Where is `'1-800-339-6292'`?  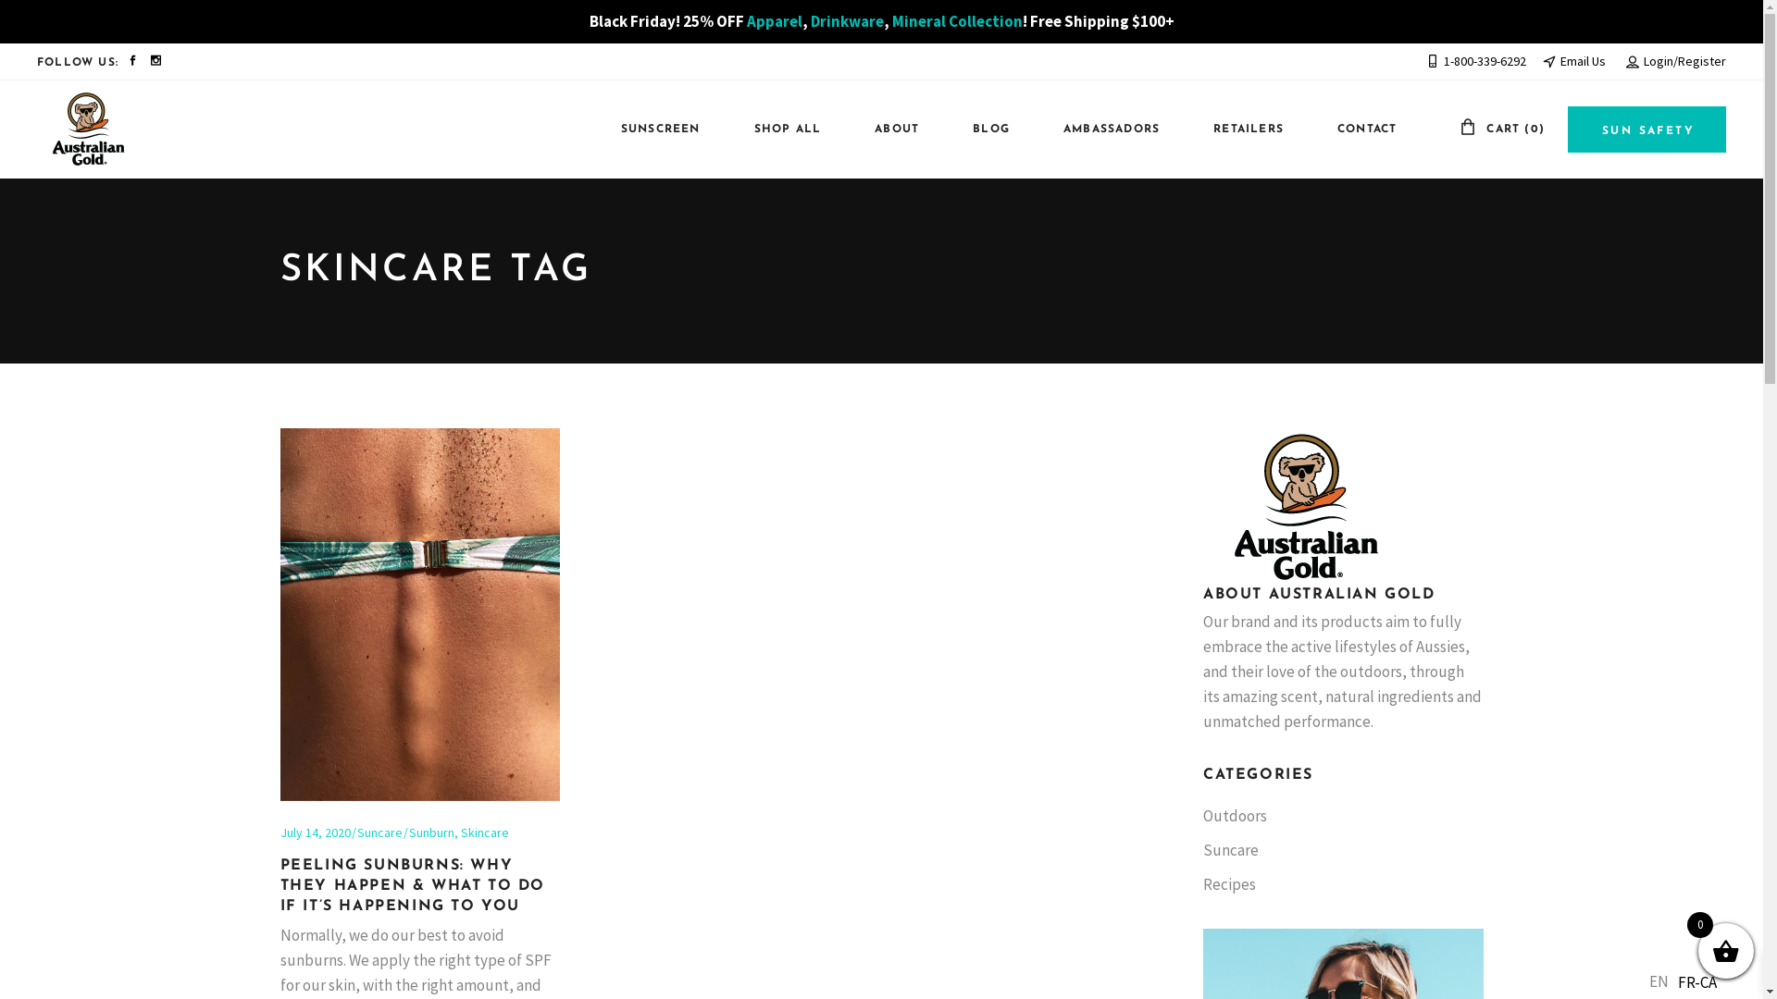 '1-800-339-6292' is located at coordinates (1474, 59).